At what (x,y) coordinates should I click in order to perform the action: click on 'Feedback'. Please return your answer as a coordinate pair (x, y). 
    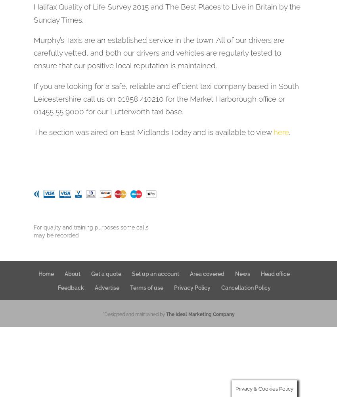
    Looking at the image, I should click on (70, 287).